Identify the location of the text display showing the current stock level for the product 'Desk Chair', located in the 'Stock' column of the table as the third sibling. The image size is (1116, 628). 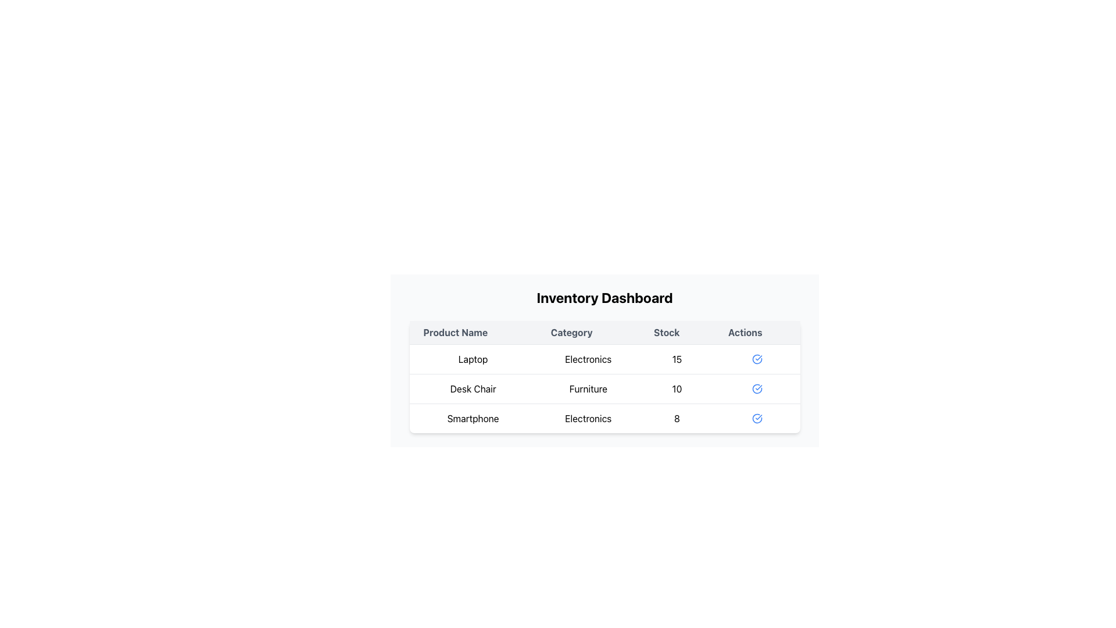
(677, 388).